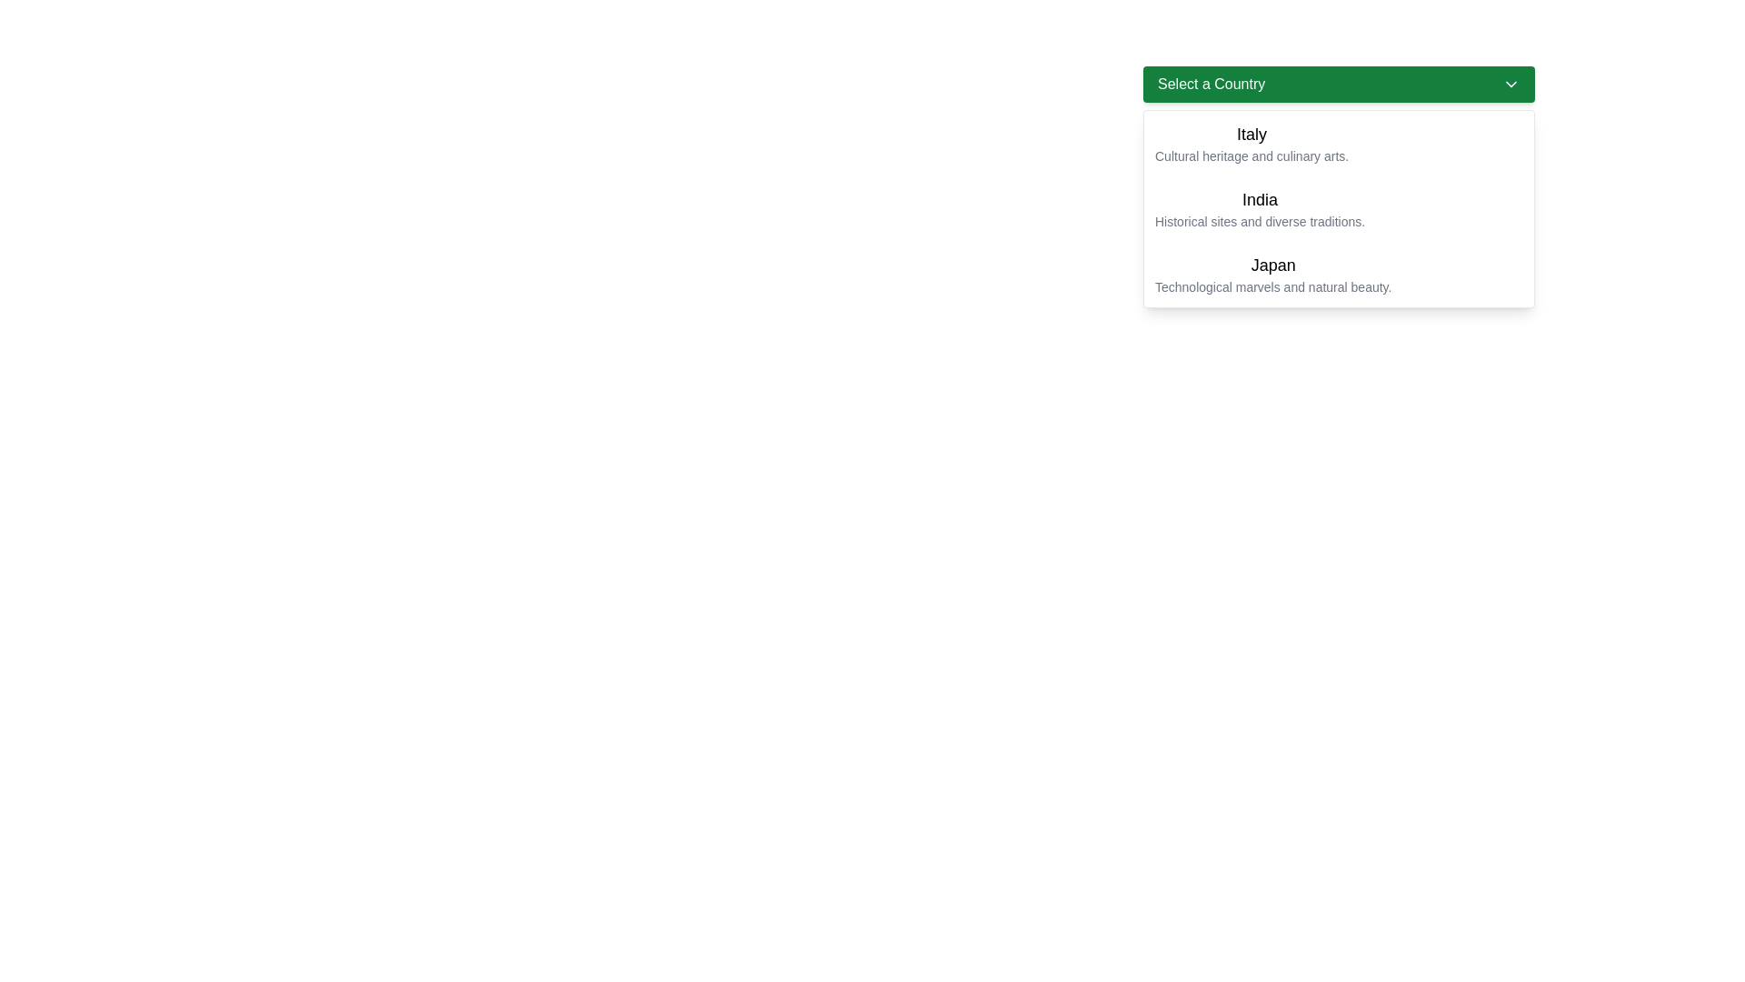 The width and height of the screenshot is (1745, 982). Describe the element at coordinates (1339, 208) in the screenshot. I see `the dropdown menu entry labeled 'India'` at that location.